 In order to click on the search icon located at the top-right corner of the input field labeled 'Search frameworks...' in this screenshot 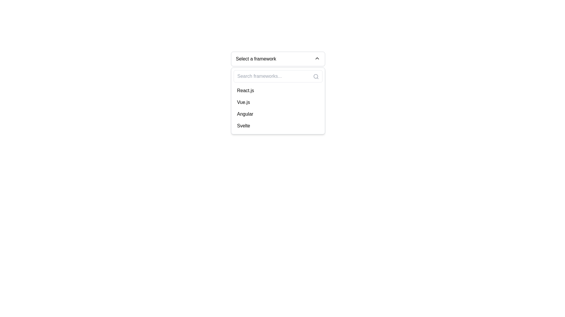, I will do `click(315, 76)`.